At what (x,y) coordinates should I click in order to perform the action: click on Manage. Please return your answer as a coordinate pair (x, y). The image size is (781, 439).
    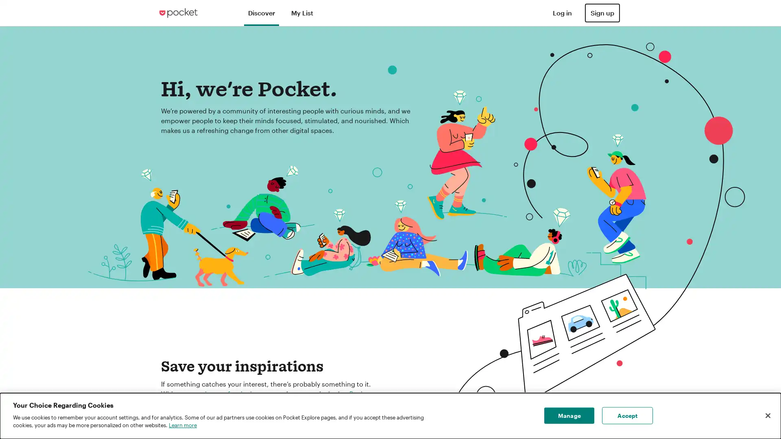
    Looking at the image, I should click on (569, 415).